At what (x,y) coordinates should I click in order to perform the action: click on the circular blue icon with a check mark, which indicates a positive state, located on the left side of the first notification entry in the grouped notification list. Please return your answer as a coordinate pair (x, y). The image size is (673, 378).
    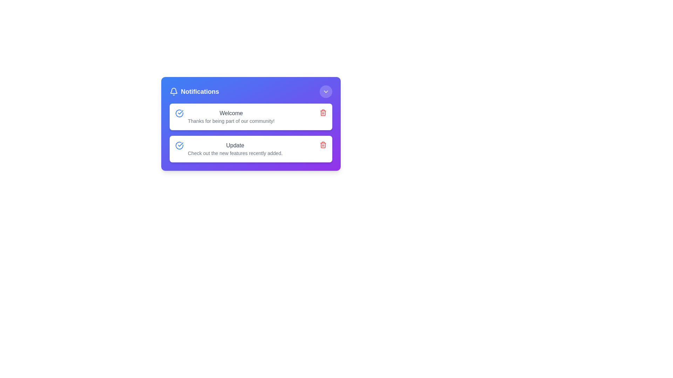
    Looking at the image, I should click on (179, 113).